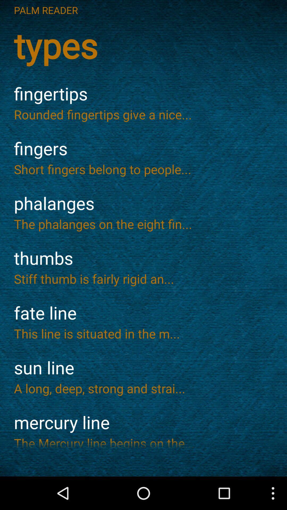 The width and height of the screenshot is (287, 510). I want to click on icon below the this line is, so click(143, 367).